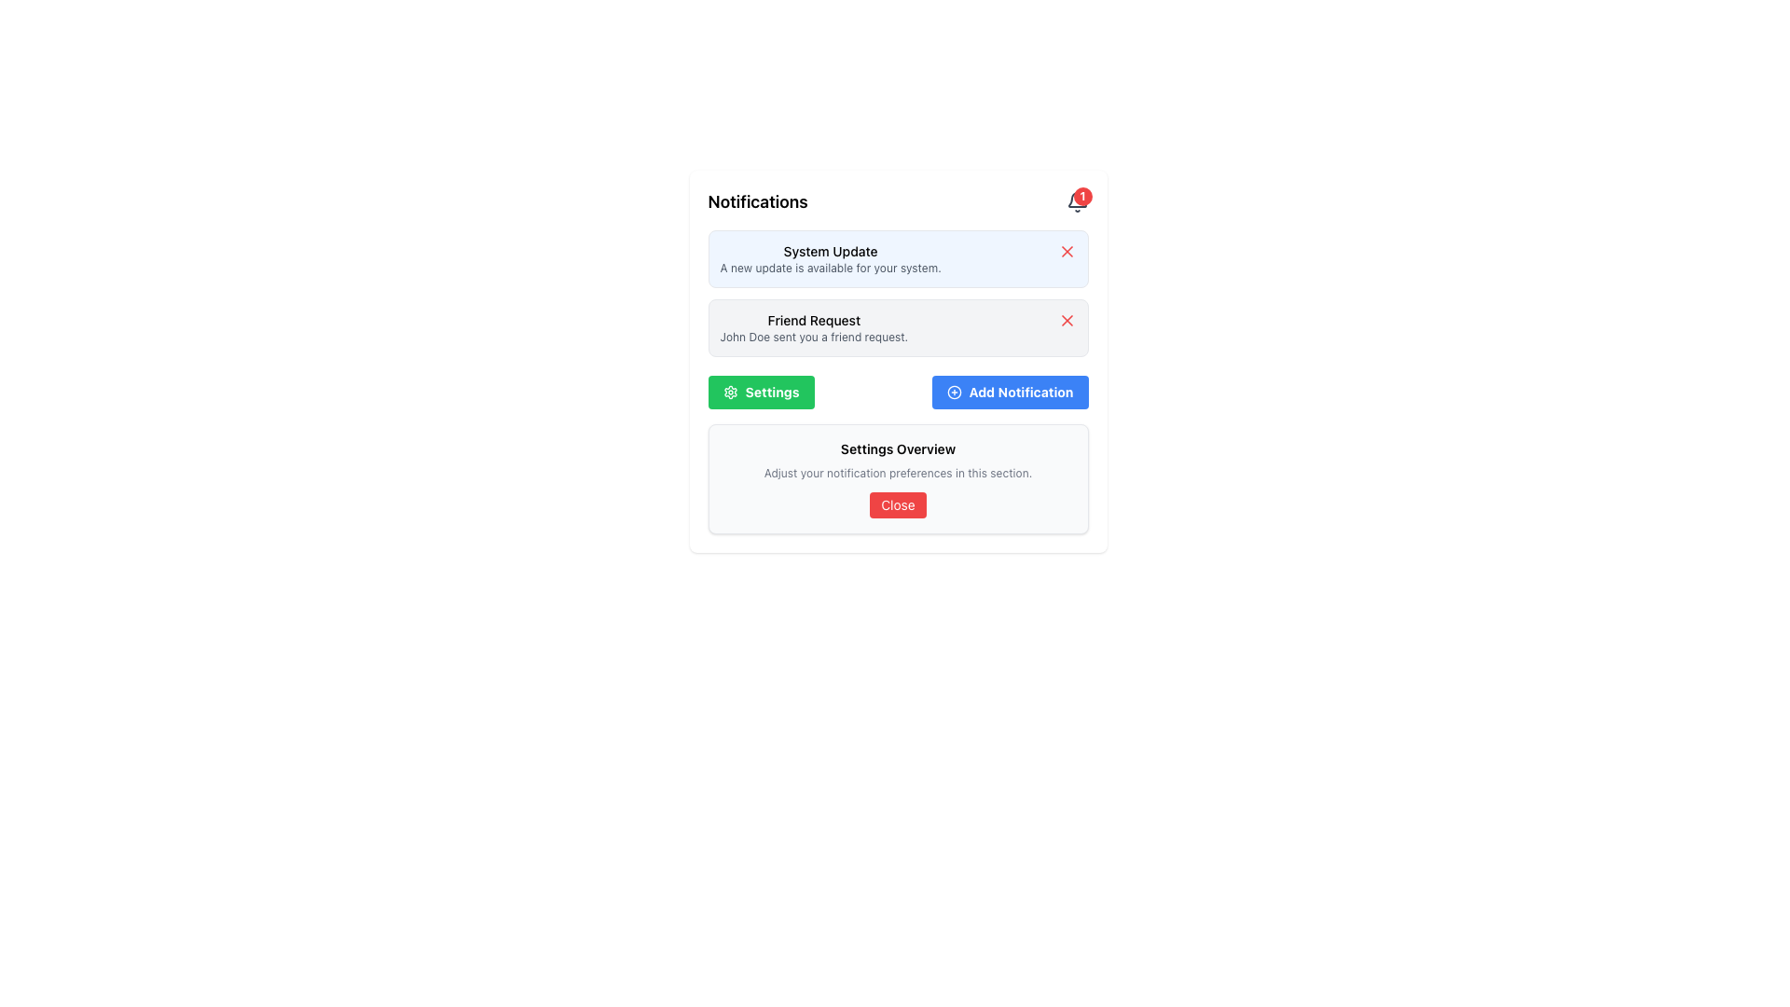 The width and height of the screenshot is (1790, 1007). What do you see at coordinates (1009, 391) in the screenshot?
I see `the 'Add Notification' button, which has a blue background and white bold text` at bounding box center [1009, 391].